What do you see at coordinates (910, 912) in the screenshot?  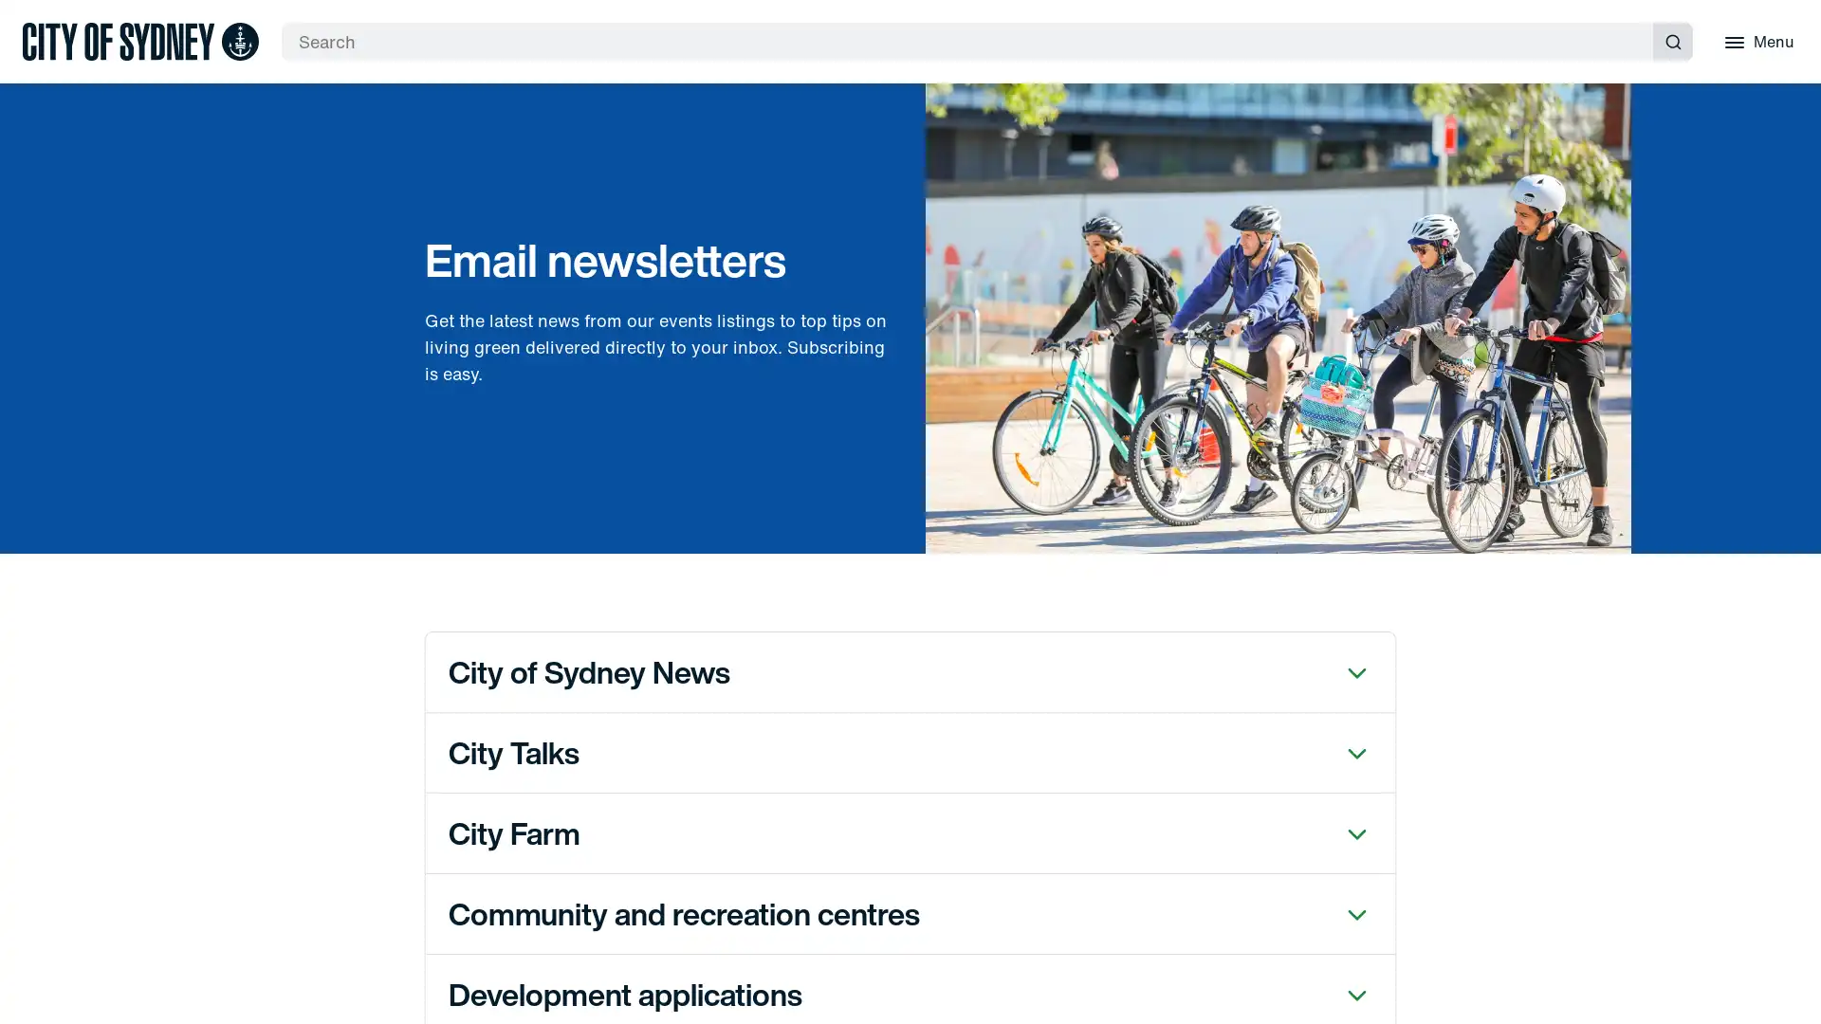 I see `Community and recreation centres` at bounding box center [910, 912].